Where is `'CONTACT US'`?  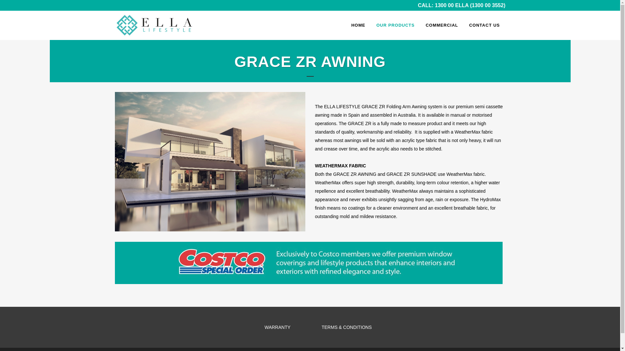
'CONTACT US' is located at coordinates (463, 25).